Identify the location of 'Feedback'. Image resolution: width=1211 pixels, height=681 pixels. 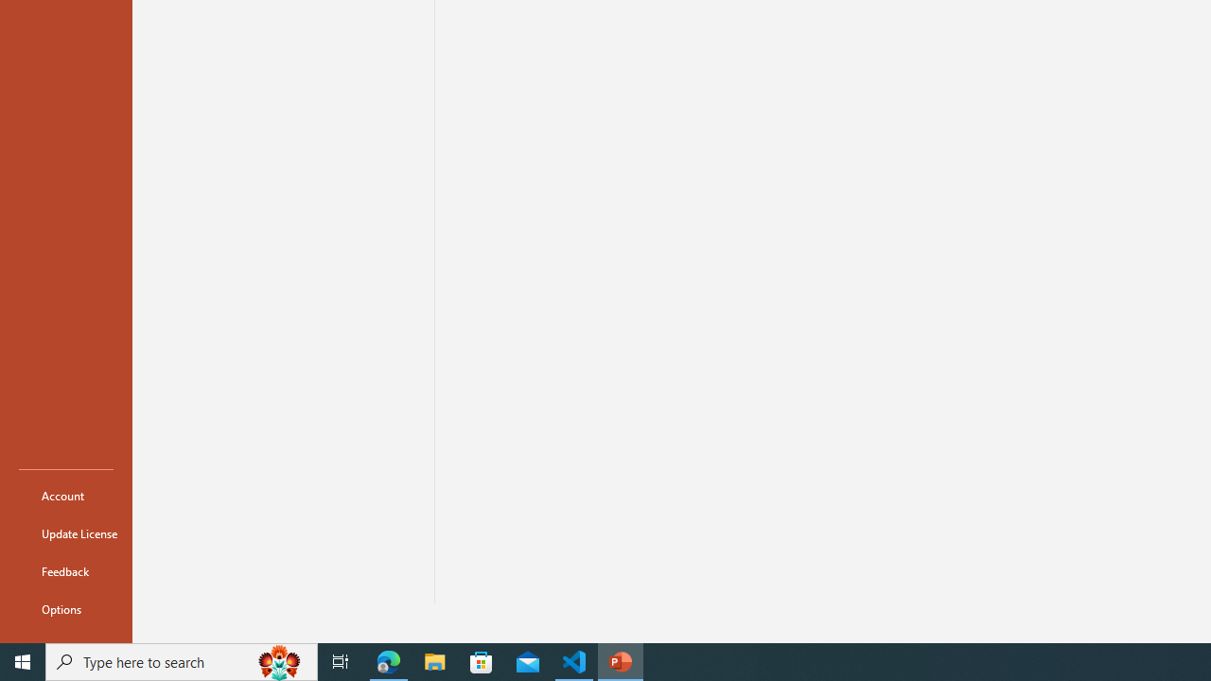
(65, 570).